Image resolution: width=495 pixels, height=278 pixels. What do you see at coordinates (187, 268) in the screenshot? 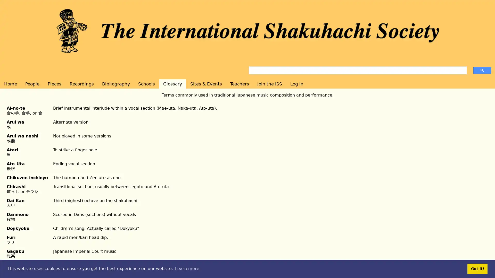
I see `learn more about cookies` at bounding box center [187, 268].